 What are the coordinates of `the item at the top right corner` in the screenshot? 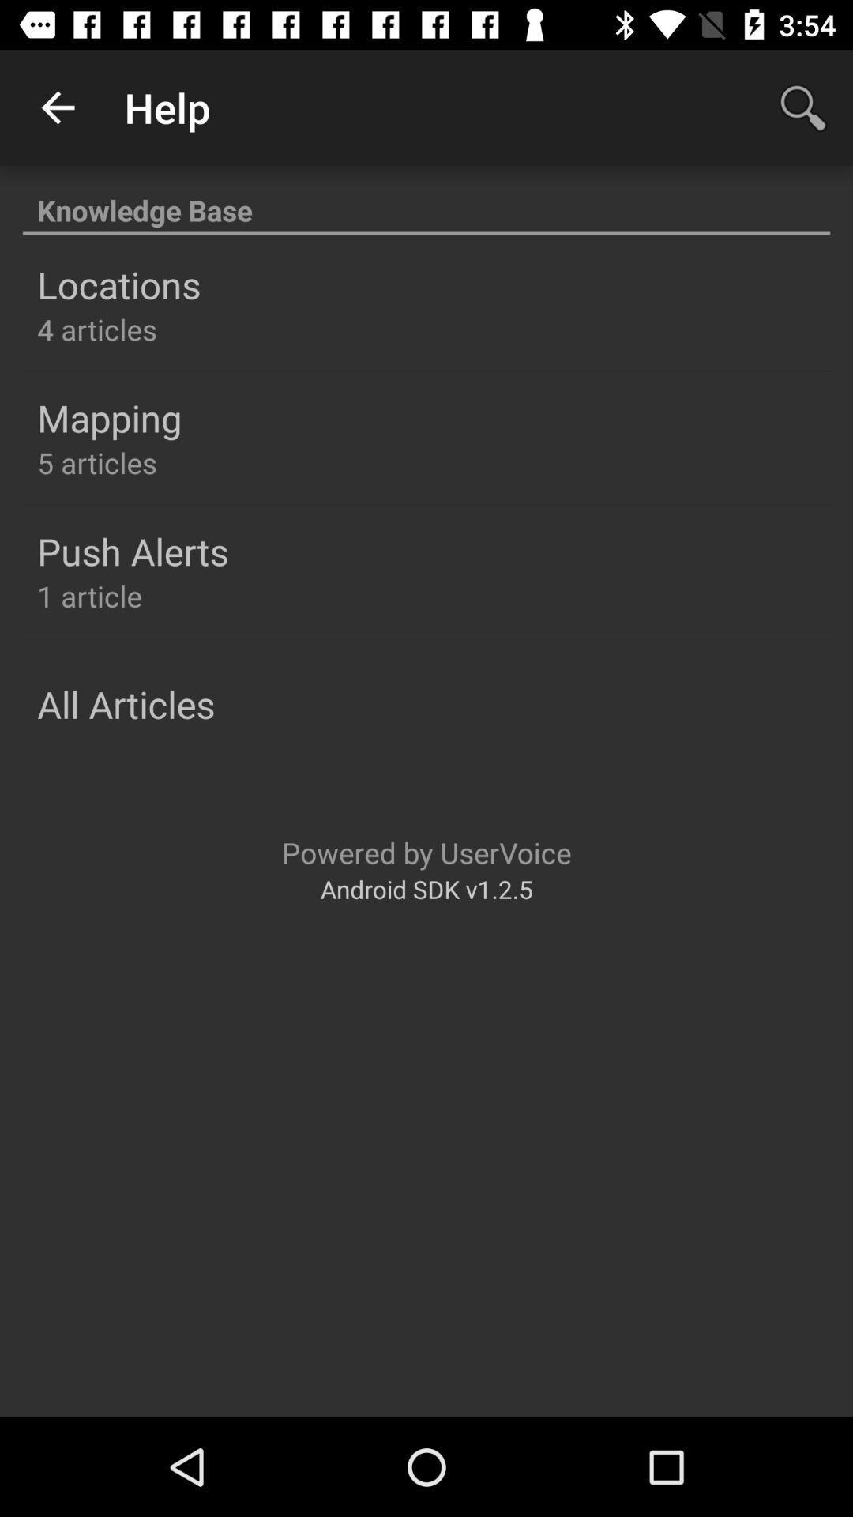 It's located at (803, 107).